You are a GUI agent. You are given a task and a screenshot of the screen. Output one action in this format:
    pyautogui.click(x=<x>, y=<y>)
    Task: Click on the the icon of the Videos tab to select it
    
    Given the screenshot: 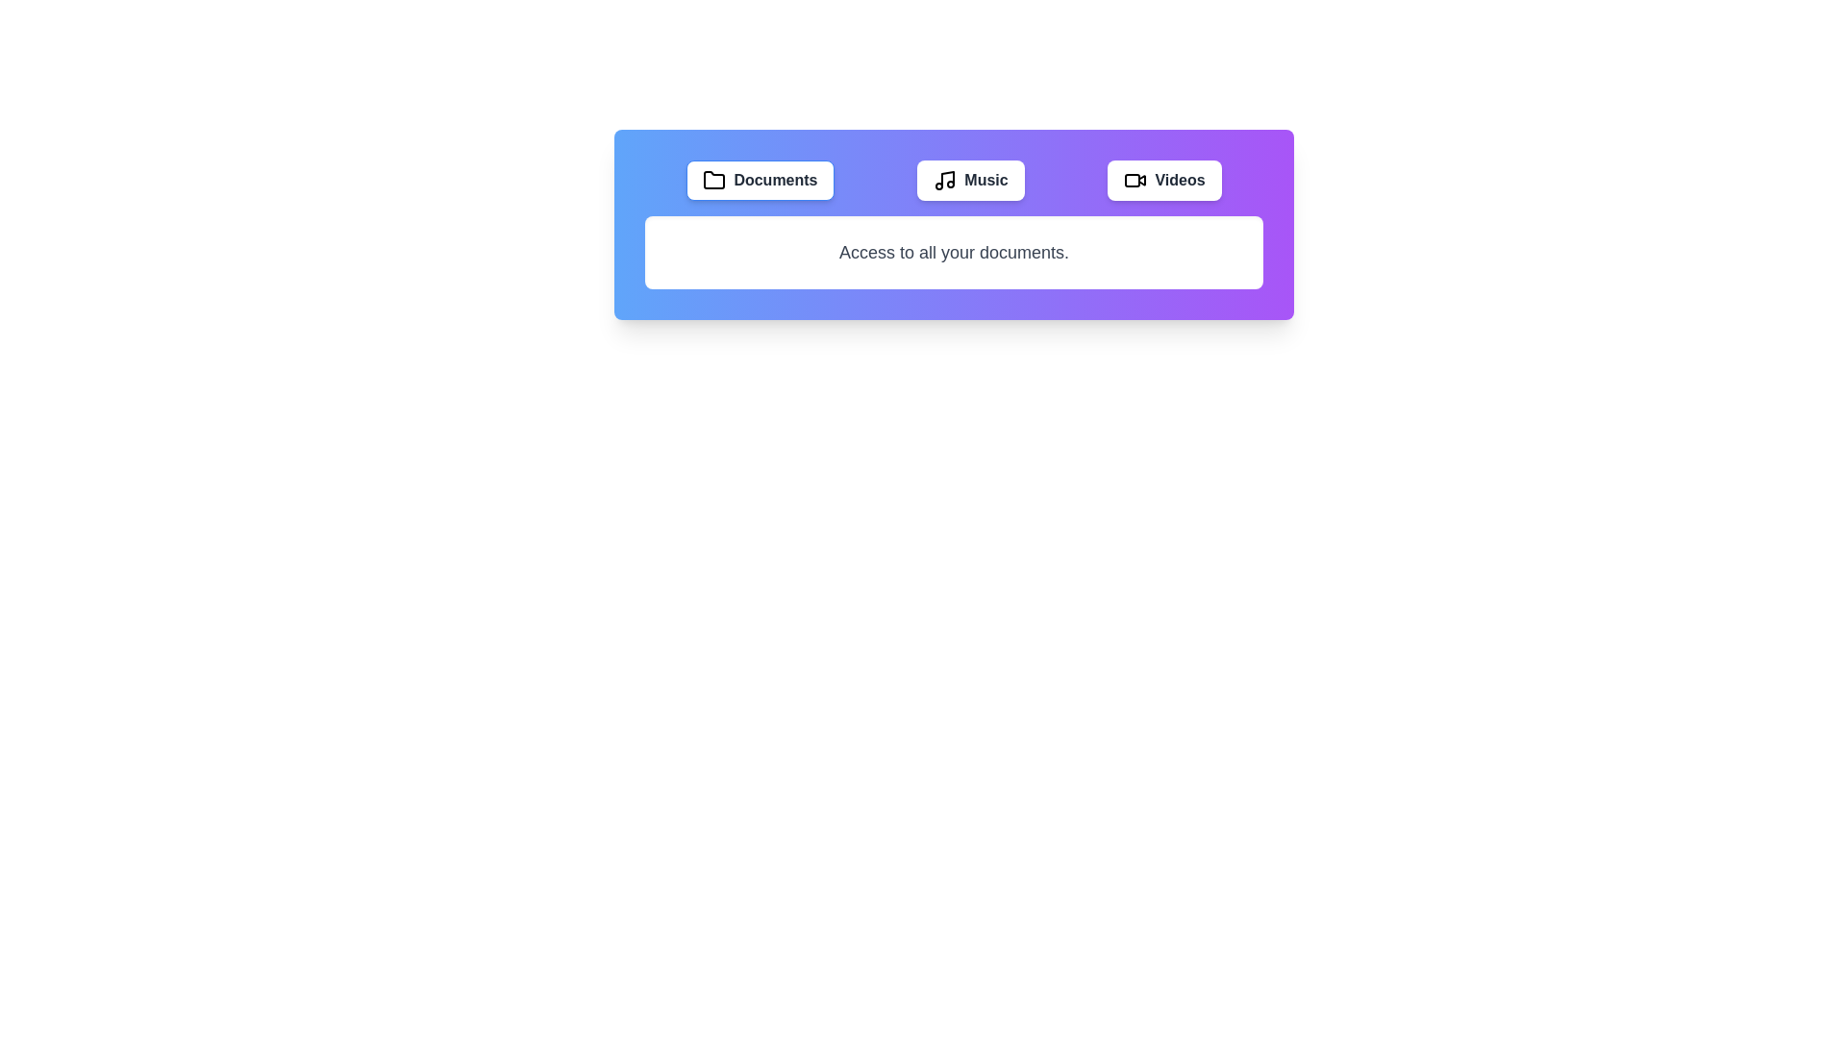 What is the action you would take?
    pyautogui.click(x=1135, y=181)
    